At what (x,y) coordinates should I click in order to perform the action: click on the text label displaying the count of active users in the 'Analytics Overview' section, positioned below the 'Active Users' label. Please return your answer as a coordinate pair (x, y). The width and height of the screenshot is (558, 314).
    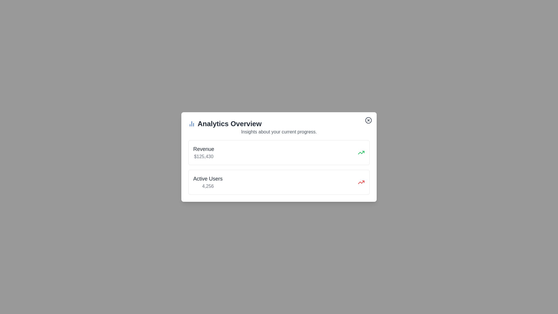
    Looking at the image, I should click on (208, 186).